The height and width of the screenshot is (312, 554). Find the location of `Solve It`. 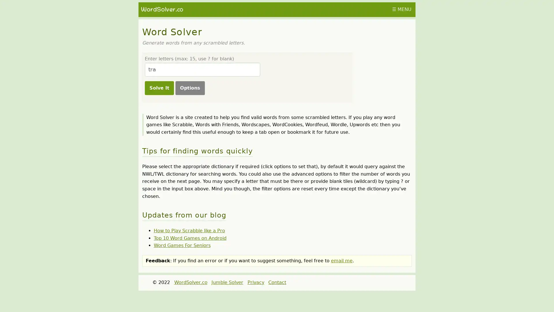

Solve It is located at coordinates (159, 88).